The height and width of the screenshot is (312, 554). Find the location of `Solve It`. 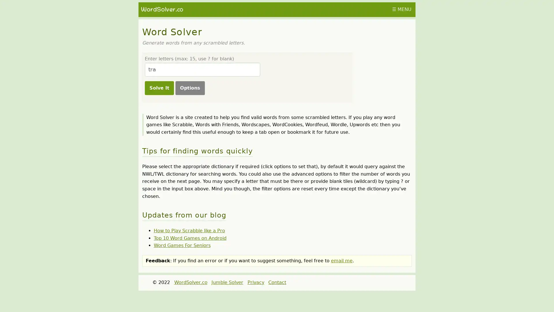

Solve It is located at coordinates (159, 88).